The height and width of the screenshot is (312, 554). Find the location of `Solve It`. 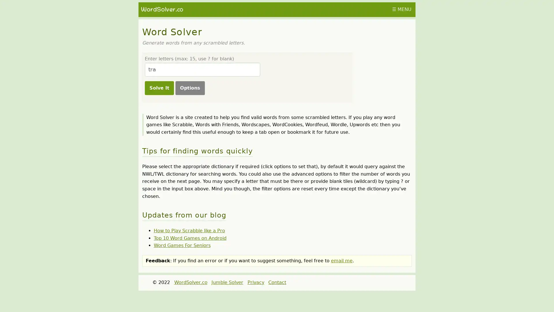

Solve It is located at coordinates (159, 88).